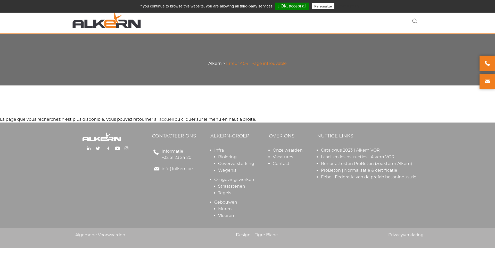  What do you see at coordinates (218, 163) in the screenshot?
I see `'Oeverversterking'` at bounding box center [218, 163].